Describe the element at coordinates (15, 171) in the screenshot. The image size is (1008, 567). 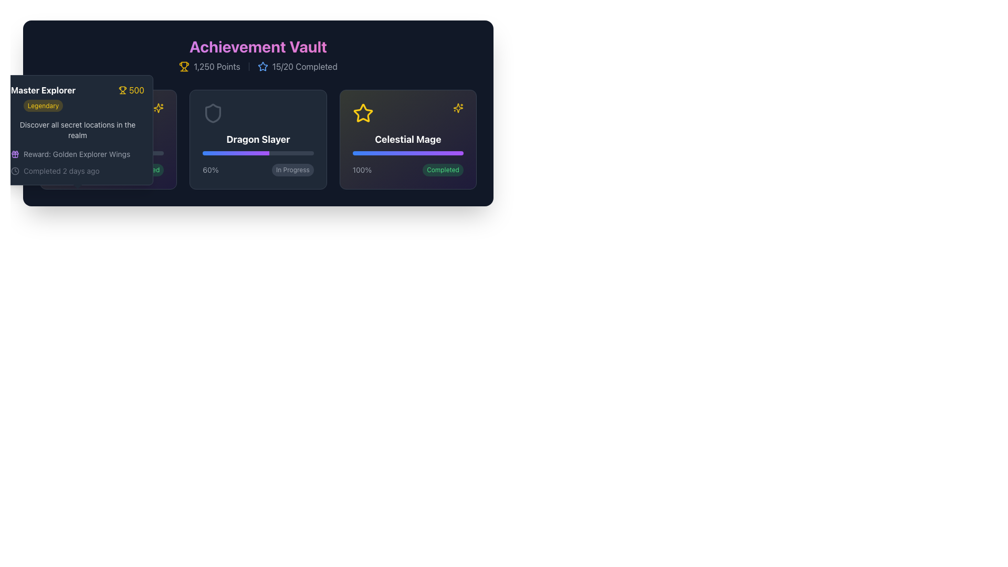
I see `the clock icon that represents time or completion, located to the left of the text 'Completed 2 days ago'` at that location.